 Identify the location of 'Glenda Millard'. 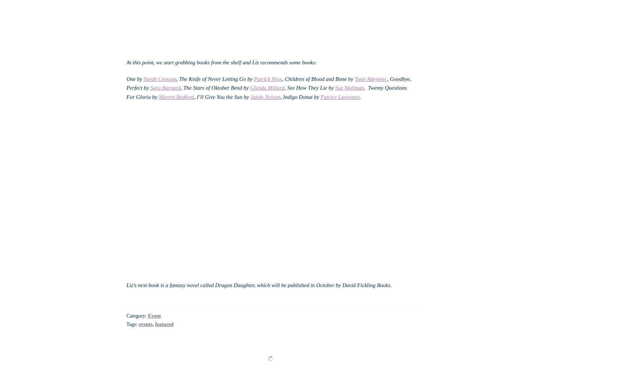
(266, 87).